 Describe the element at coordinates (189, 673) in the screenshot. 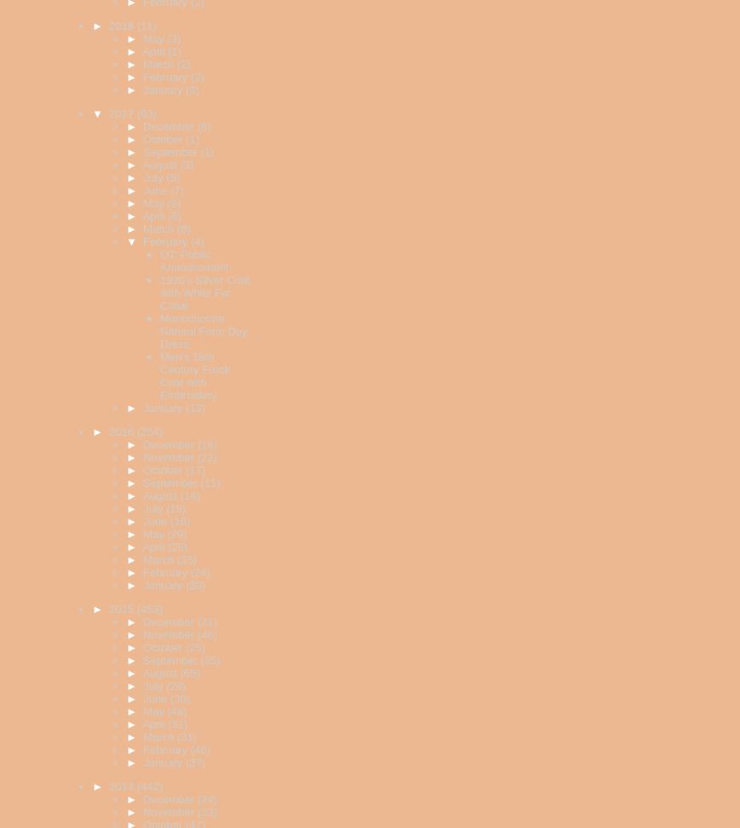

I see `'(65)'` at that location.